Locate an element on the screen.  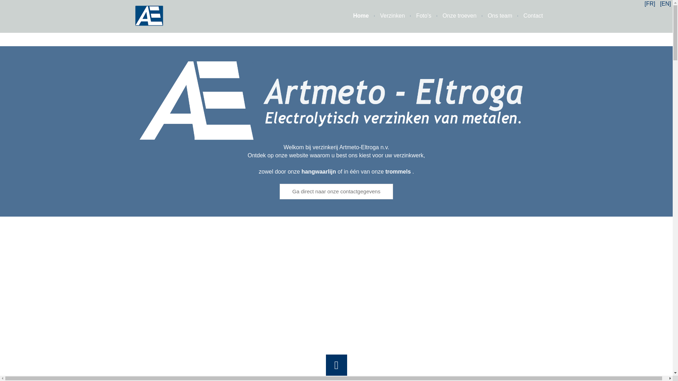
'[FR]' is located at coordinates (644, 4).